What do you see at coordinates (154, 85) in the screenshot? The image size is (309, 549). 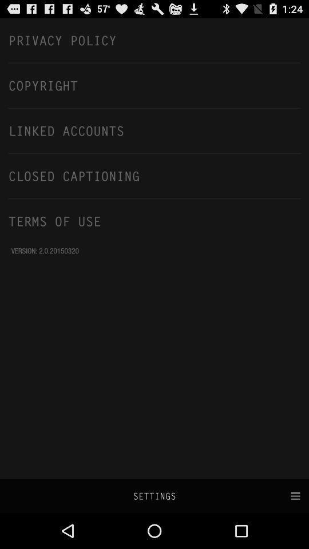 I see `the copyright` at bounding box center [154, 85].